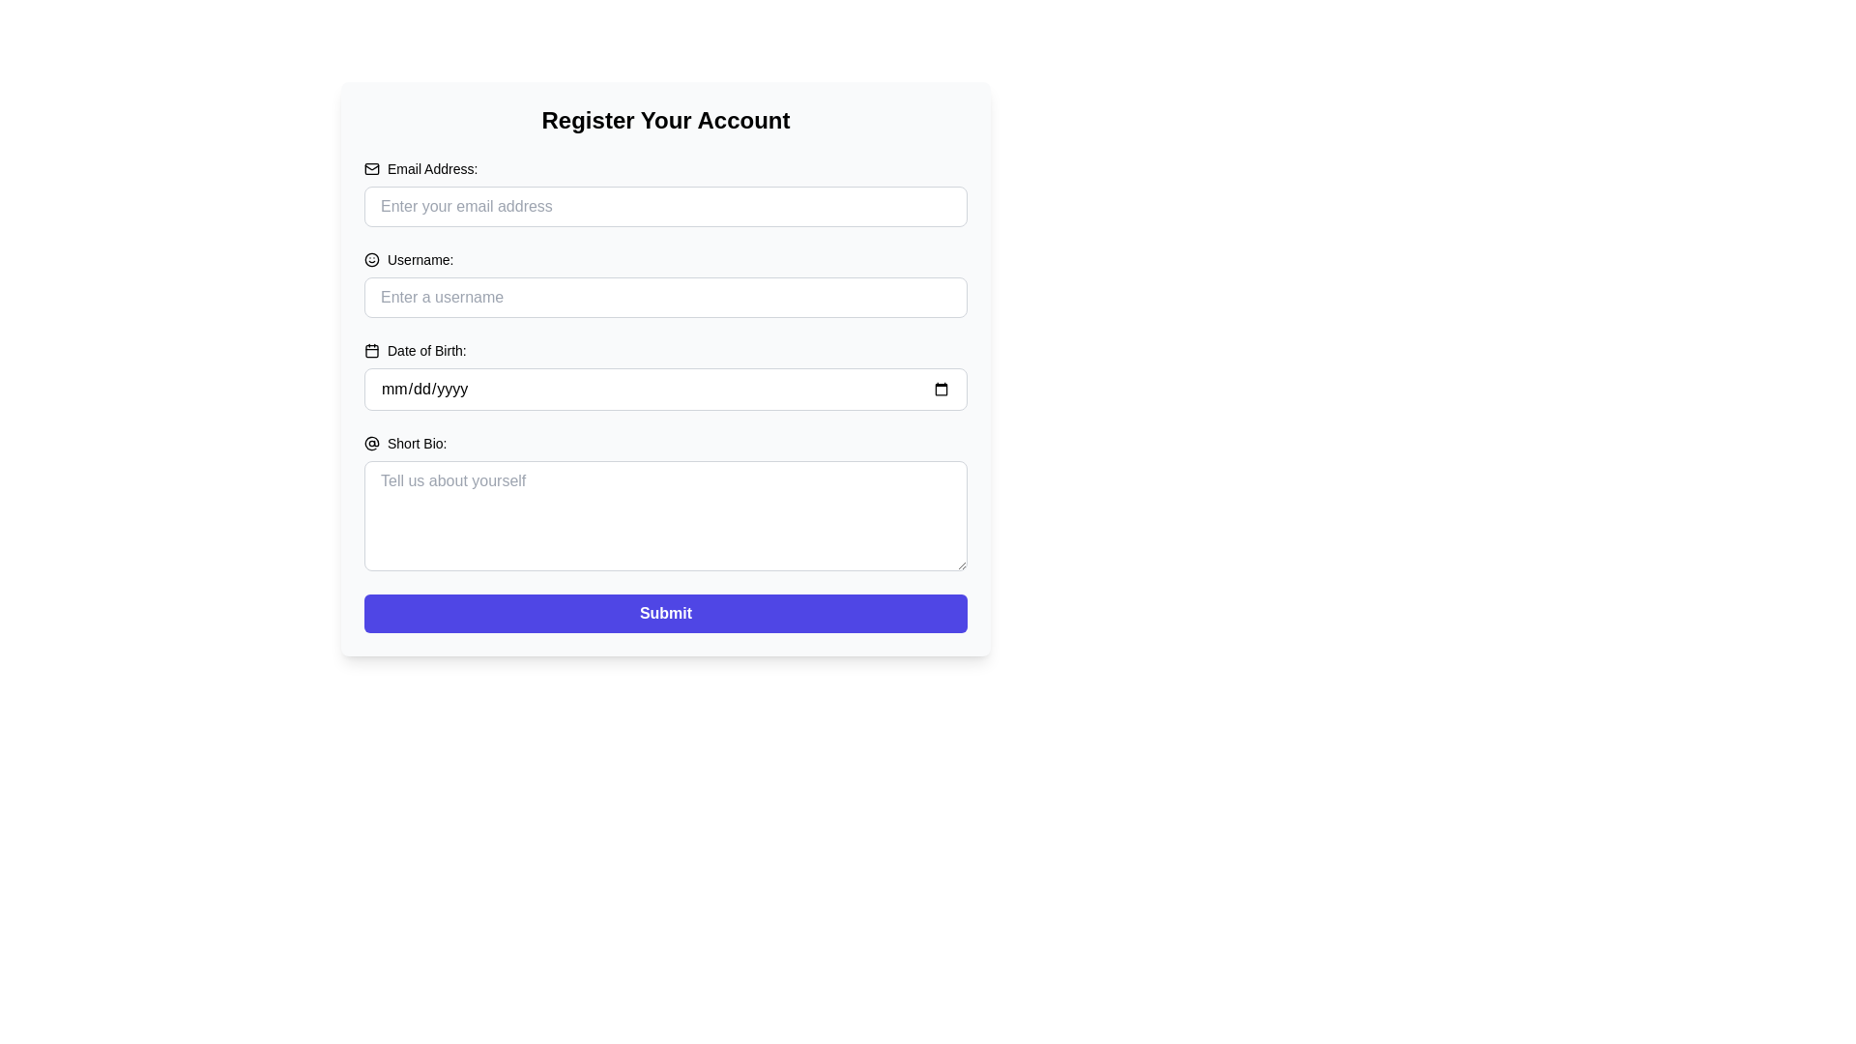 This screenshot has width=1856, height=1044. I want to click on the small envelope icon representing email, which is located to the left of the 'Email Address:' label on the registration form, so click(371, 167).